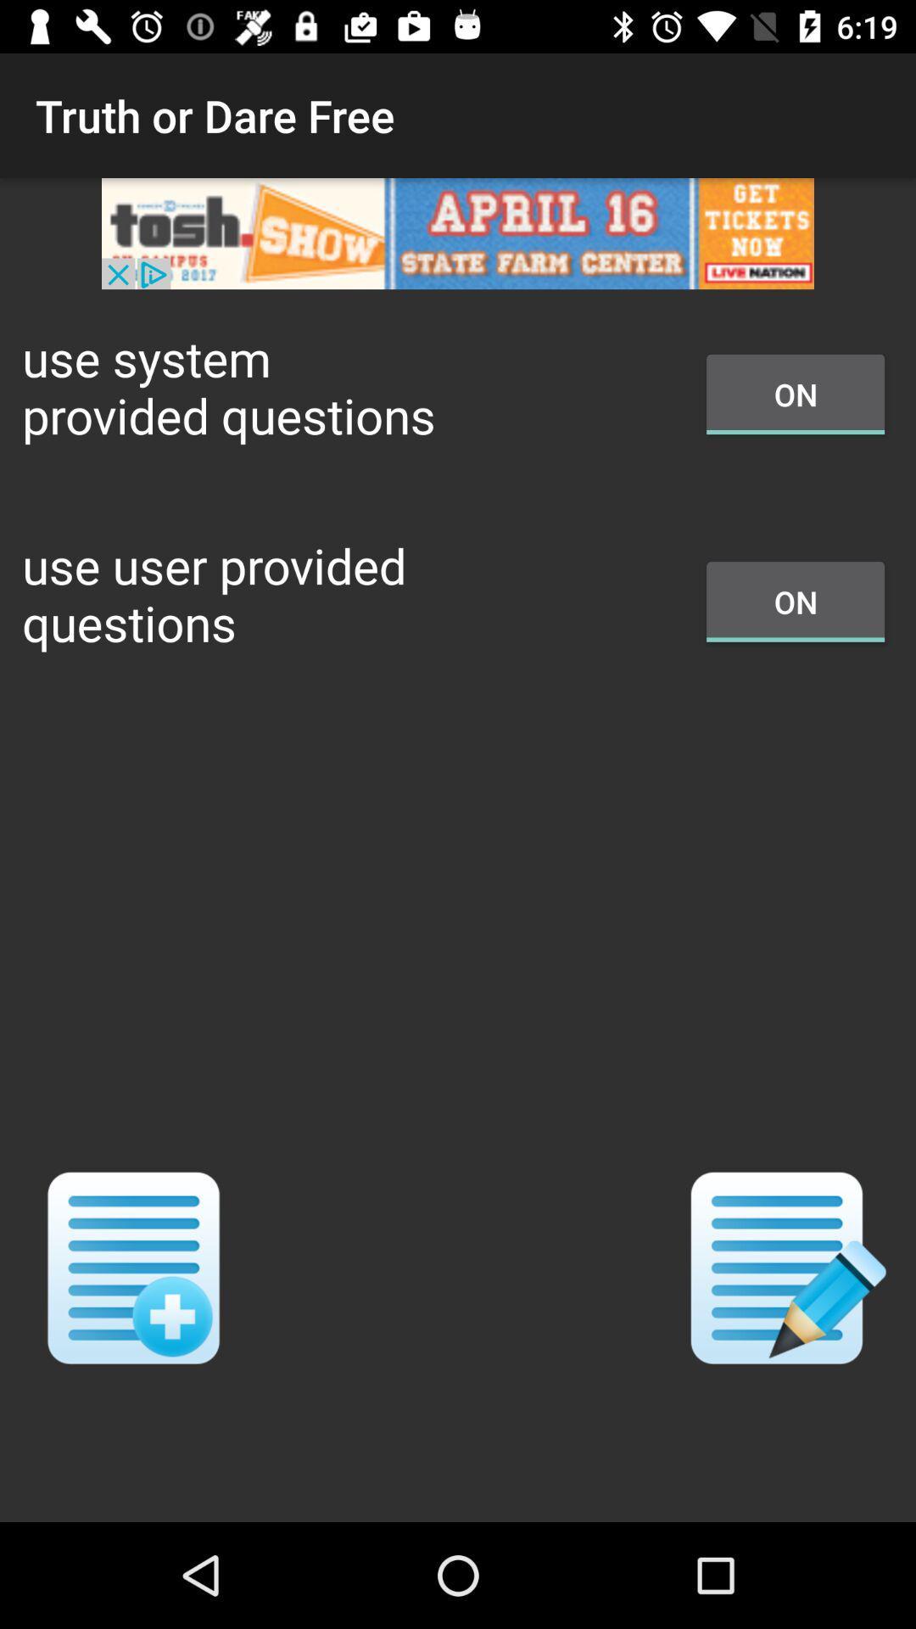  What do you see at coordinates (458, 232) in the screenshot?
I see `open advertisement` at bounding box center [458, 232].